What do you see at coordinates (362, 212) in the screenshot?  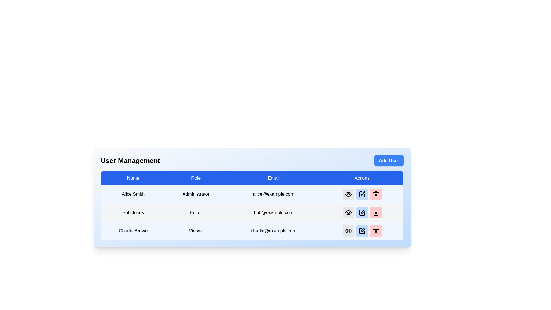 I see `the blue rectangular button with a white pen icon, which is the second button from the left in the action menu associated with user 'Bob Jones'` at bounding box center [362, 212].